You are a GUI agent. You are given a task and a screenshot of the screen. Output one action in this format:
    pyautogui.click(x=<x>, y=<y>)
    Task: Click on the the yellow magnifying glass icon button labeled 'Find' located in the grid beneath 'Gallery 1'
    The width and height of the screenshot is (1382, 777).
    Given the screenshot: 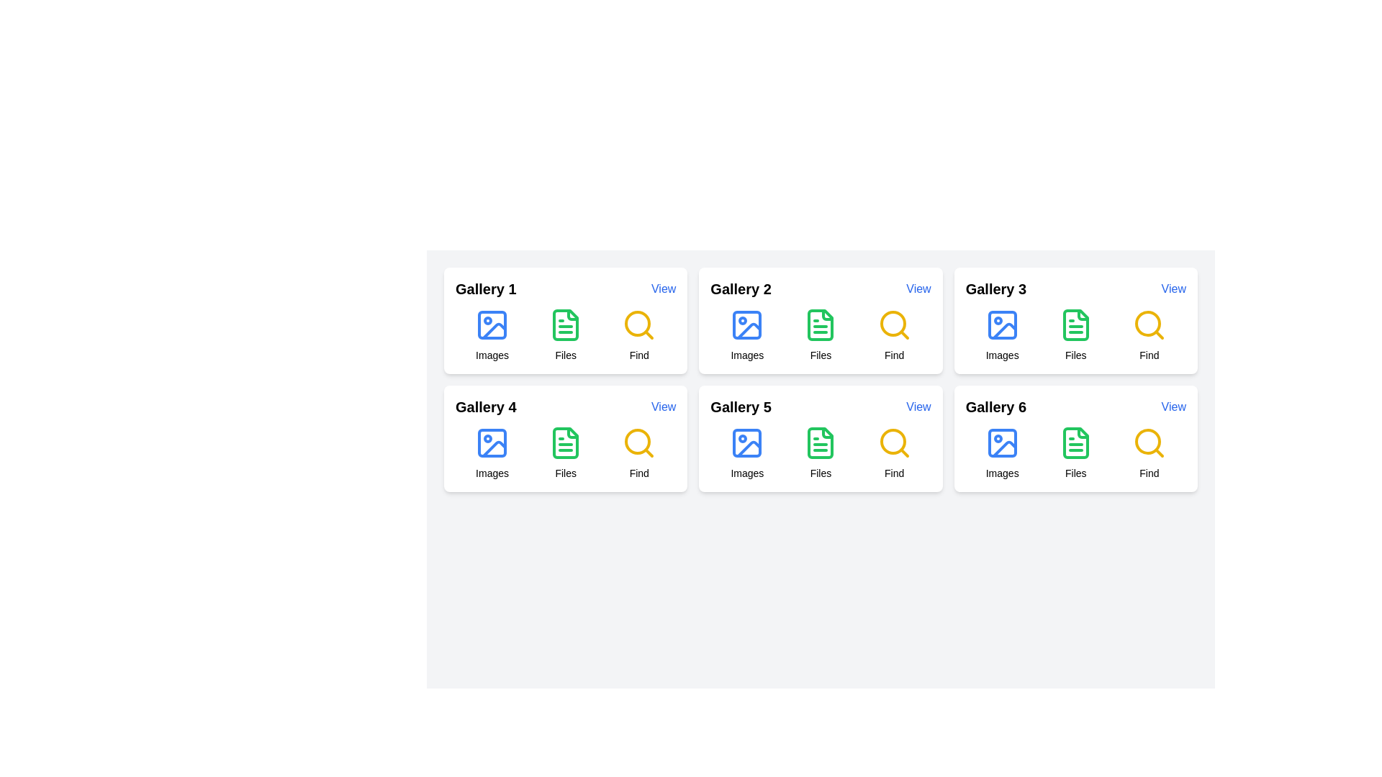 What is the action you would take?
    pyautogui.click(x=638, y=324)
    